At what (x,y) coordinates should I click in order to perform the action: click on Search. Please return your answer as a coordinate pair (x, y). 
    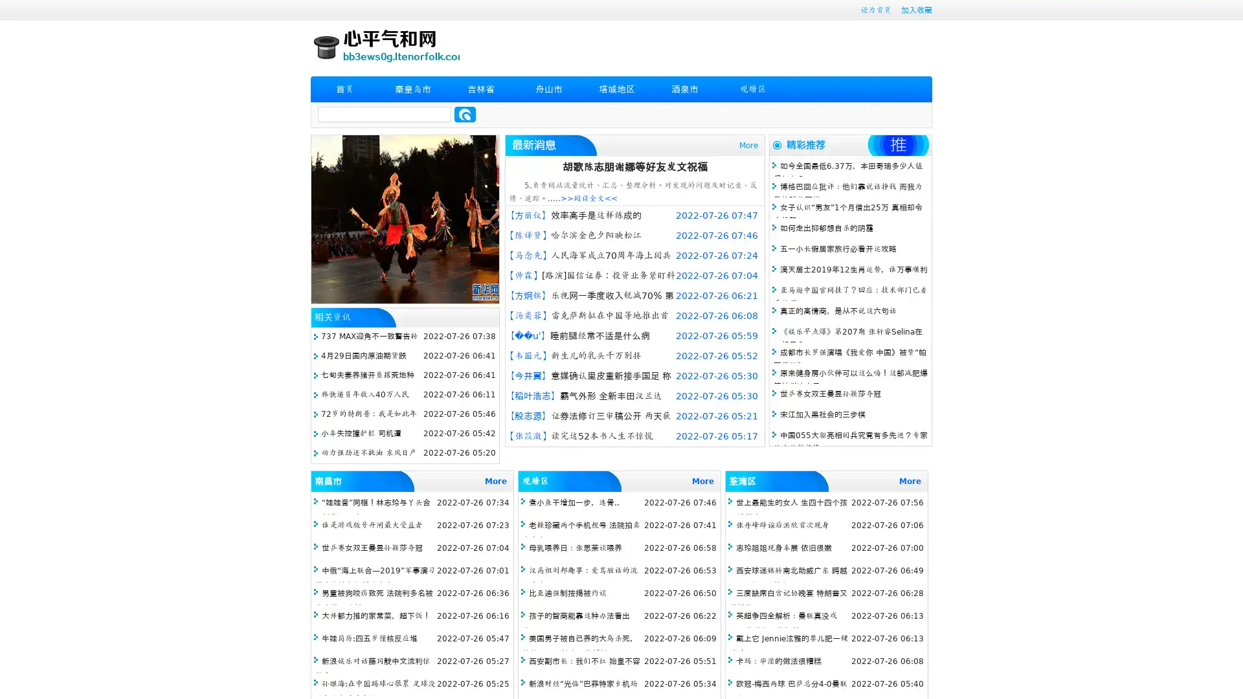
    Looking at the image, I should click on (465, 114).